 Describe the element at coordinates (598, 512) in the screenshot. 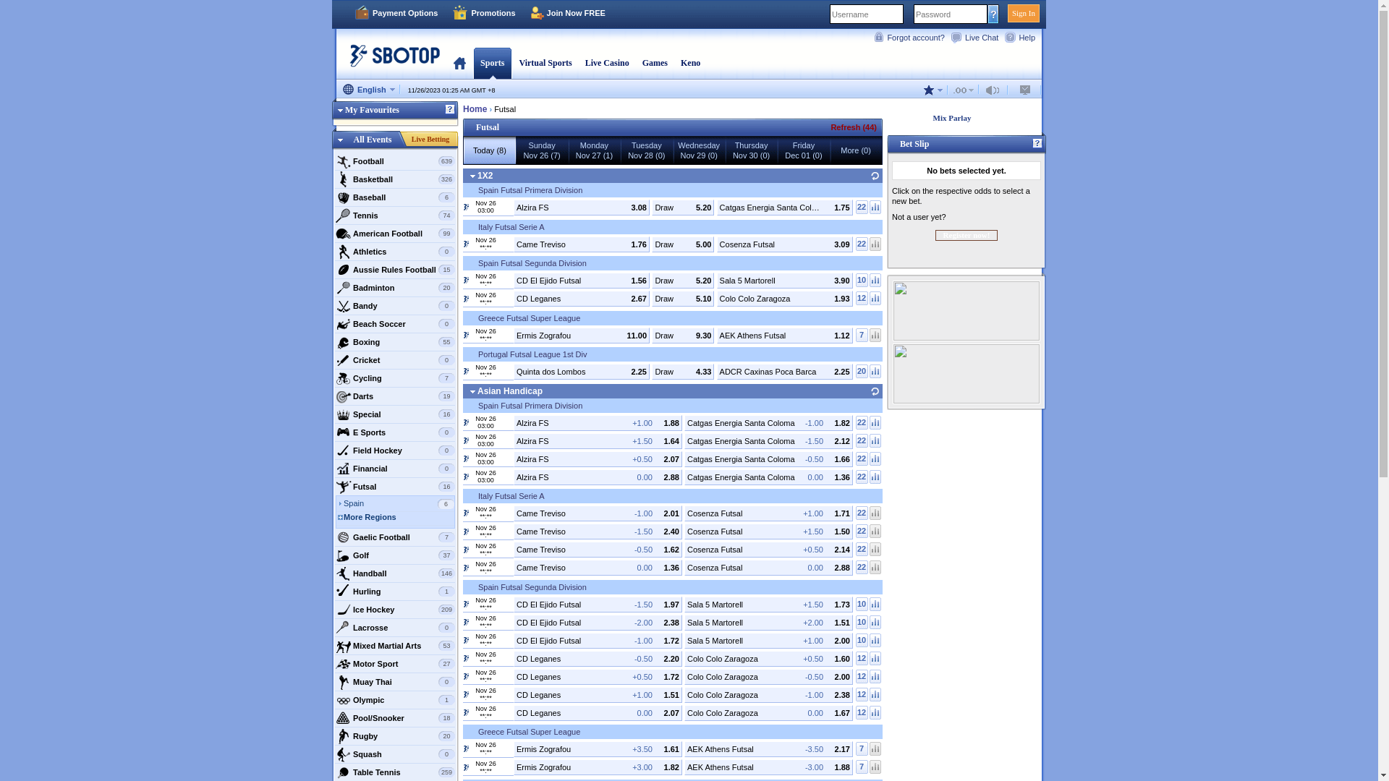

I see `'2.01` at that location.